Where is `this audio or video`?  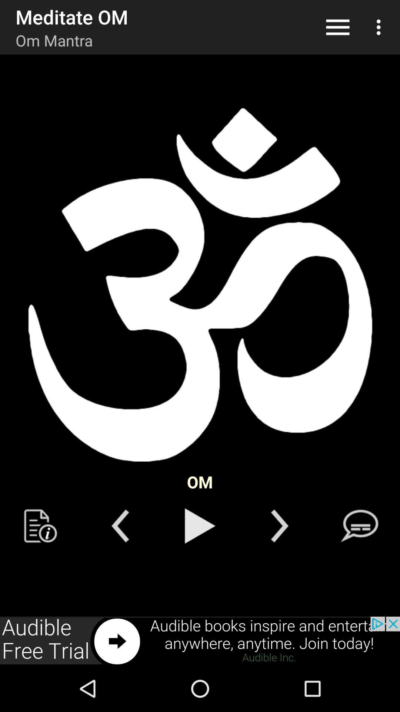
this audio or video is located at coordinates (200, 525).